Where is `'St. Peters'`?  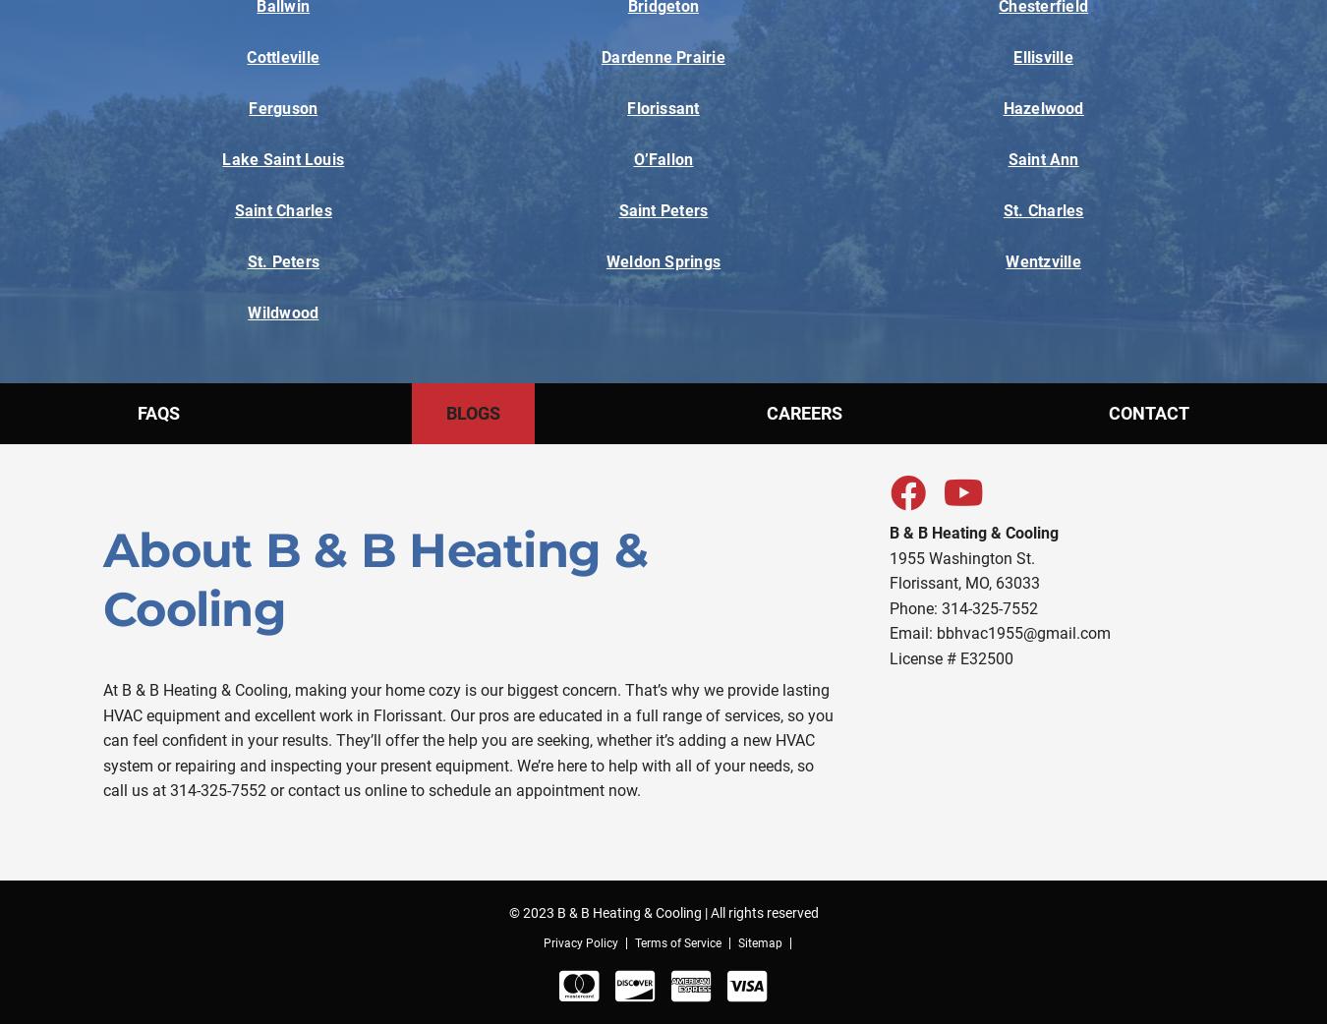
'St. Peters' is located at coordinates (281, 261).